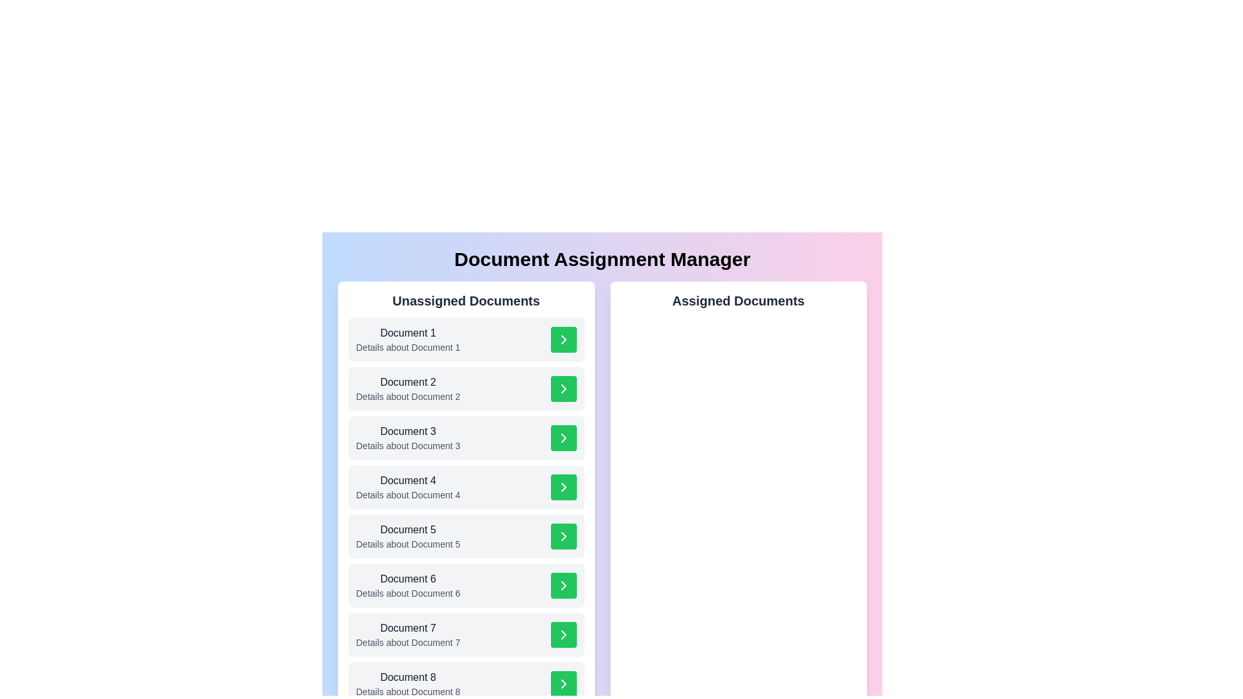 The height and width of the screenshot is (699, 1243). What do you see at coordinates (407, 544) in the screenshot?
I see `descriptive text label for 'Document 5' located in the 'Unassigned Documents' list, specifically as the second line` at bounding box center [407, 544].